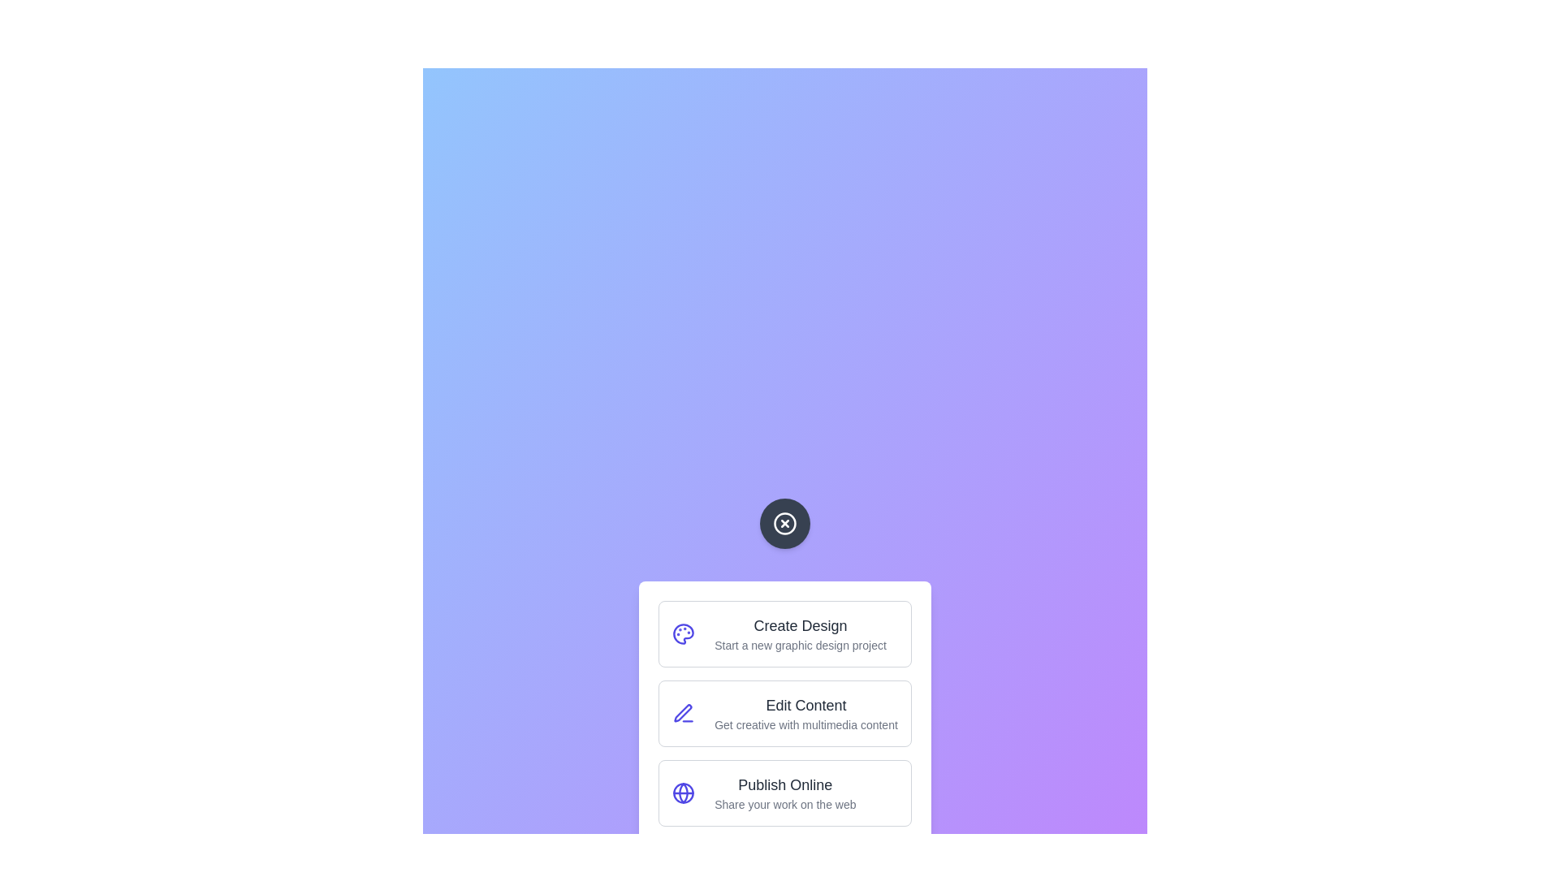 The height and width of the screenshot is (877, 1559). I want to click on button at the center of the screen to toggle the menu visibility, so click(784, 523).